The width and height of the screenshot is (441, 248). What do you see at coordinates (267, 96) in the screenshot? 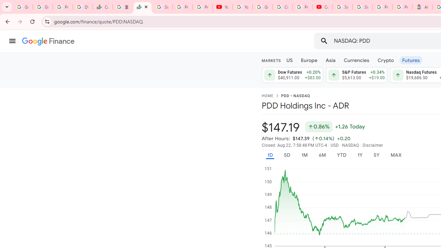
I see `'HOME'` at bounding box center [267, 96].